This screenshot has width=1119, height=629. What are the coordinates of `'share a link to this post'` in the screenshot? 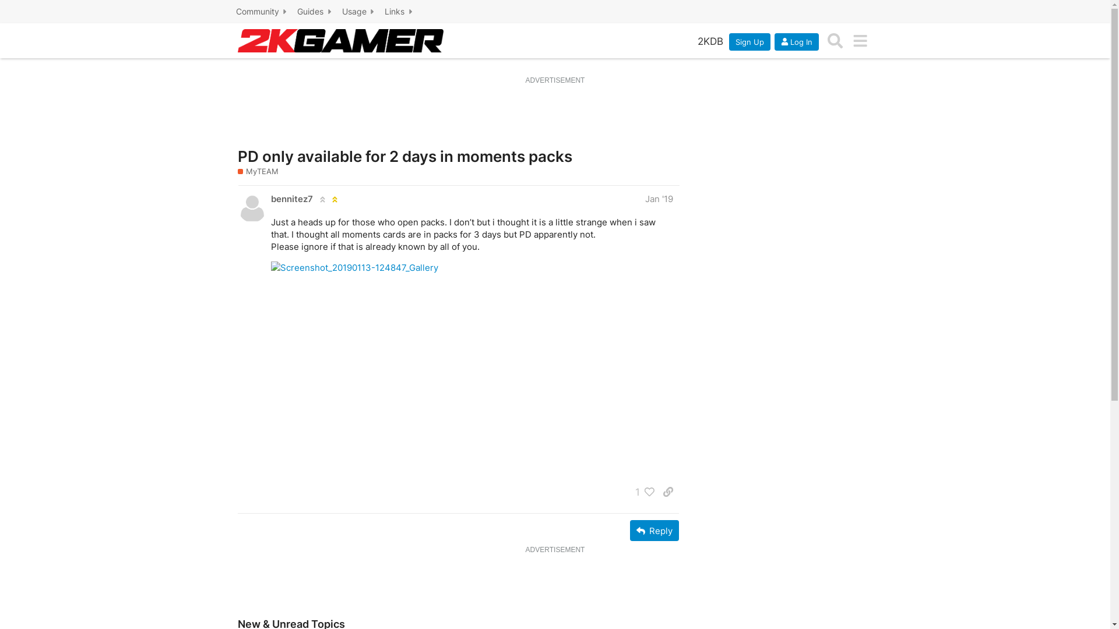 It's located at (668, 492).